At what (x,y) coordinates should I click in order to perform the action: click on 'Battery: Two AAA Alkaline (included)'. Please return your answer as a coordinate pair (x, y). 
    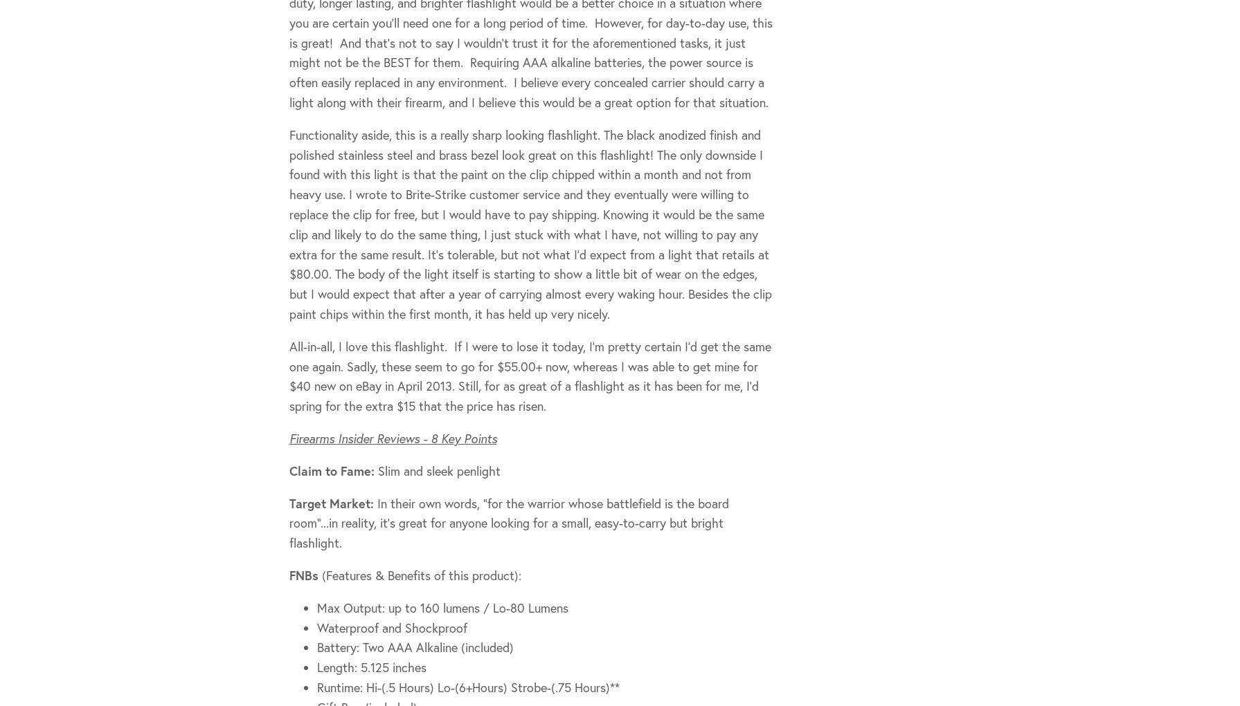
    Looking at the image, I should click on (415, 647).